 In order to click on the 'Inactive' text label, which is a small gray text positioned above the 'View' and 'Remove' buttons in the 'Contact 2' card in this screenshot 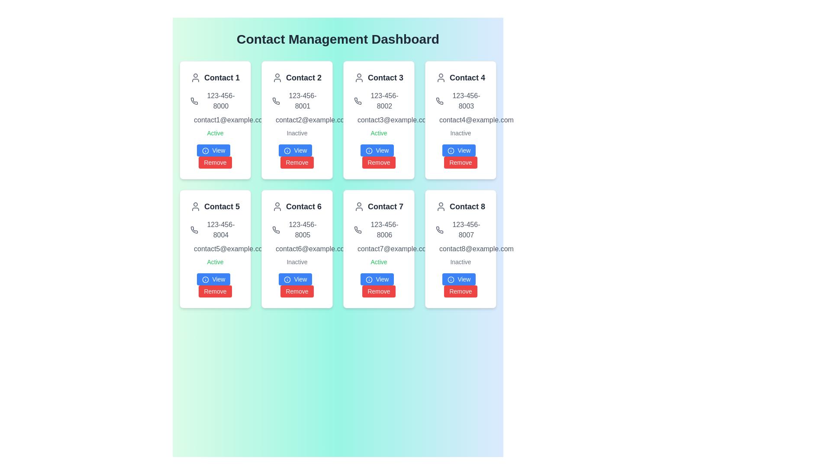, I will do `click(297, 133)`.